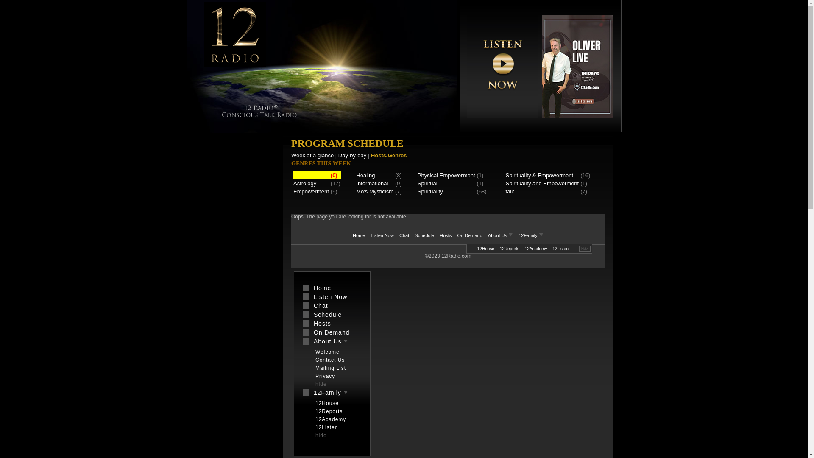 This screenshot has width=814, height=458. What do you see at coordinates (356, 175) in the screenshot?
I see `'Healing'` at bounding box center [356, 175].